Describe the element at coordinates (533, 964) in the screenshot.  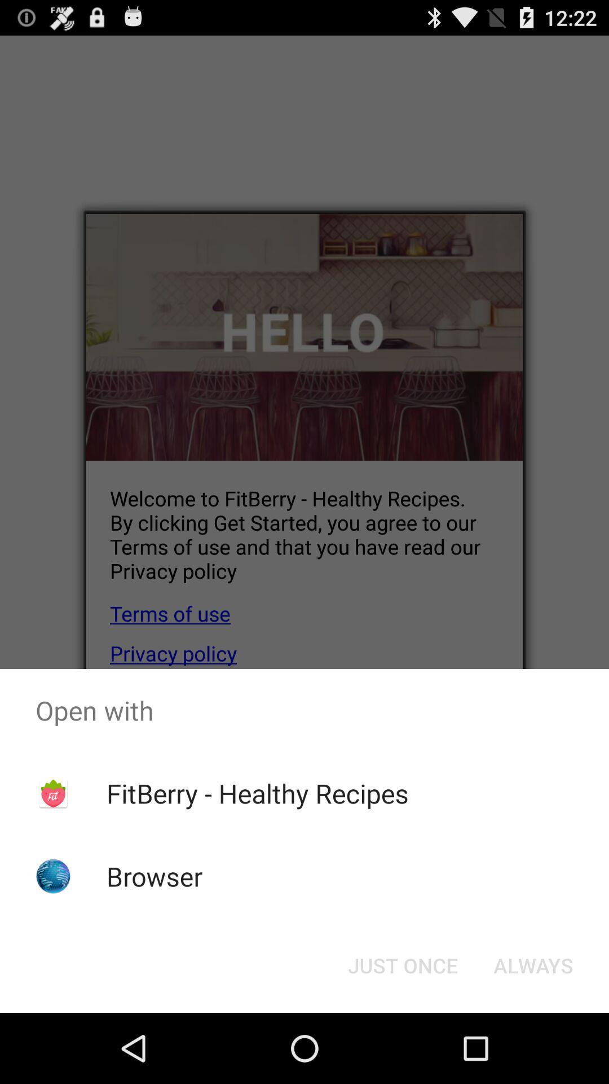
I see `button next to the just once` at that location.